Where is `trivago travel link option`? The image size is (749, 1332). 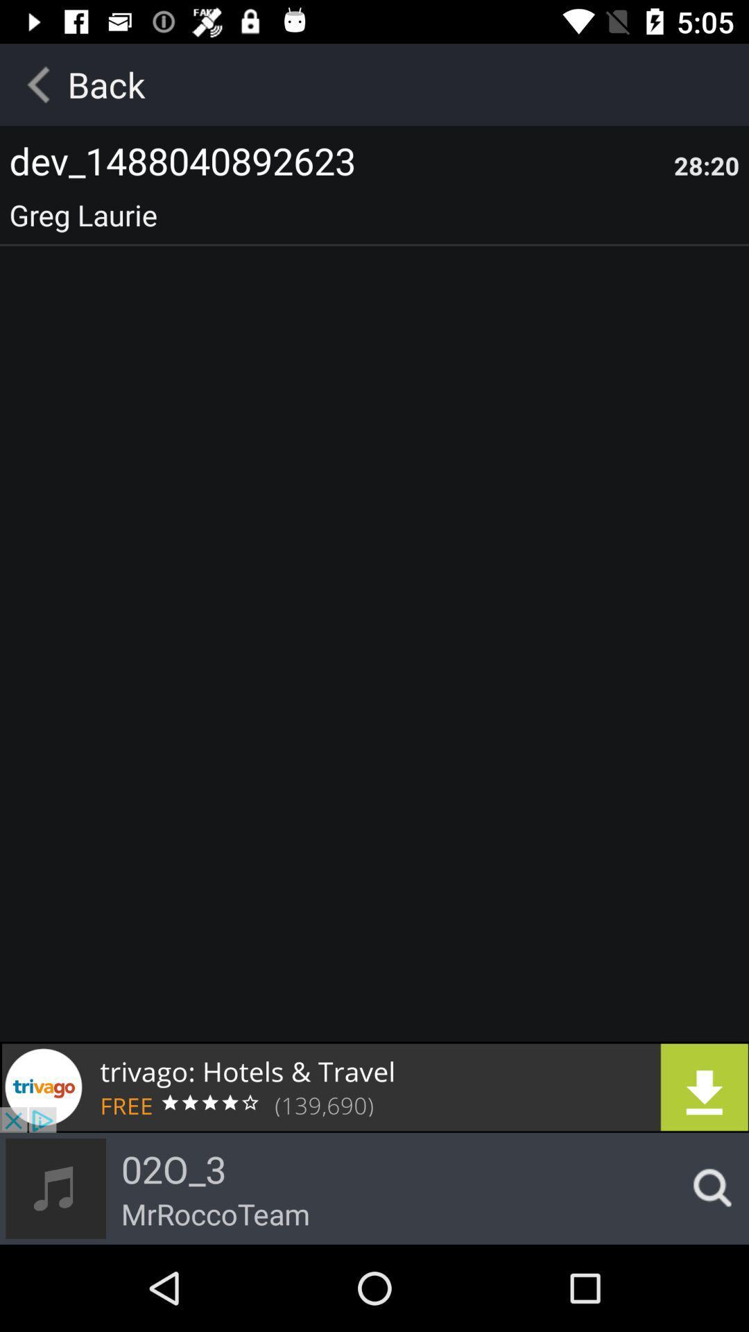 trivago travel link option is located at coordinates (374, 1086).